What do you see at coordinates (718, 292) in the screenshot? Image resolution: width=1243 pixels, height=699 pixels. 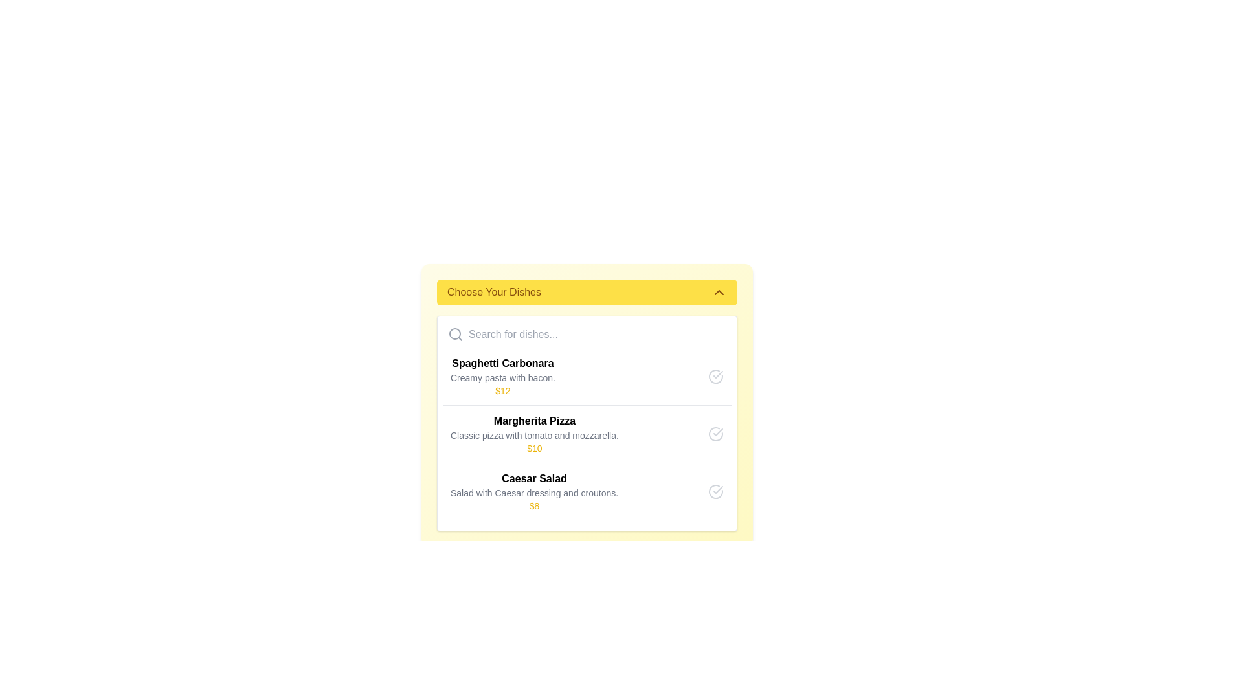 I see `the downwards-chevron icon located at the right side of the yellow header bar labeled 'Choose Your Dishes'` at bounding box center [718, 292].